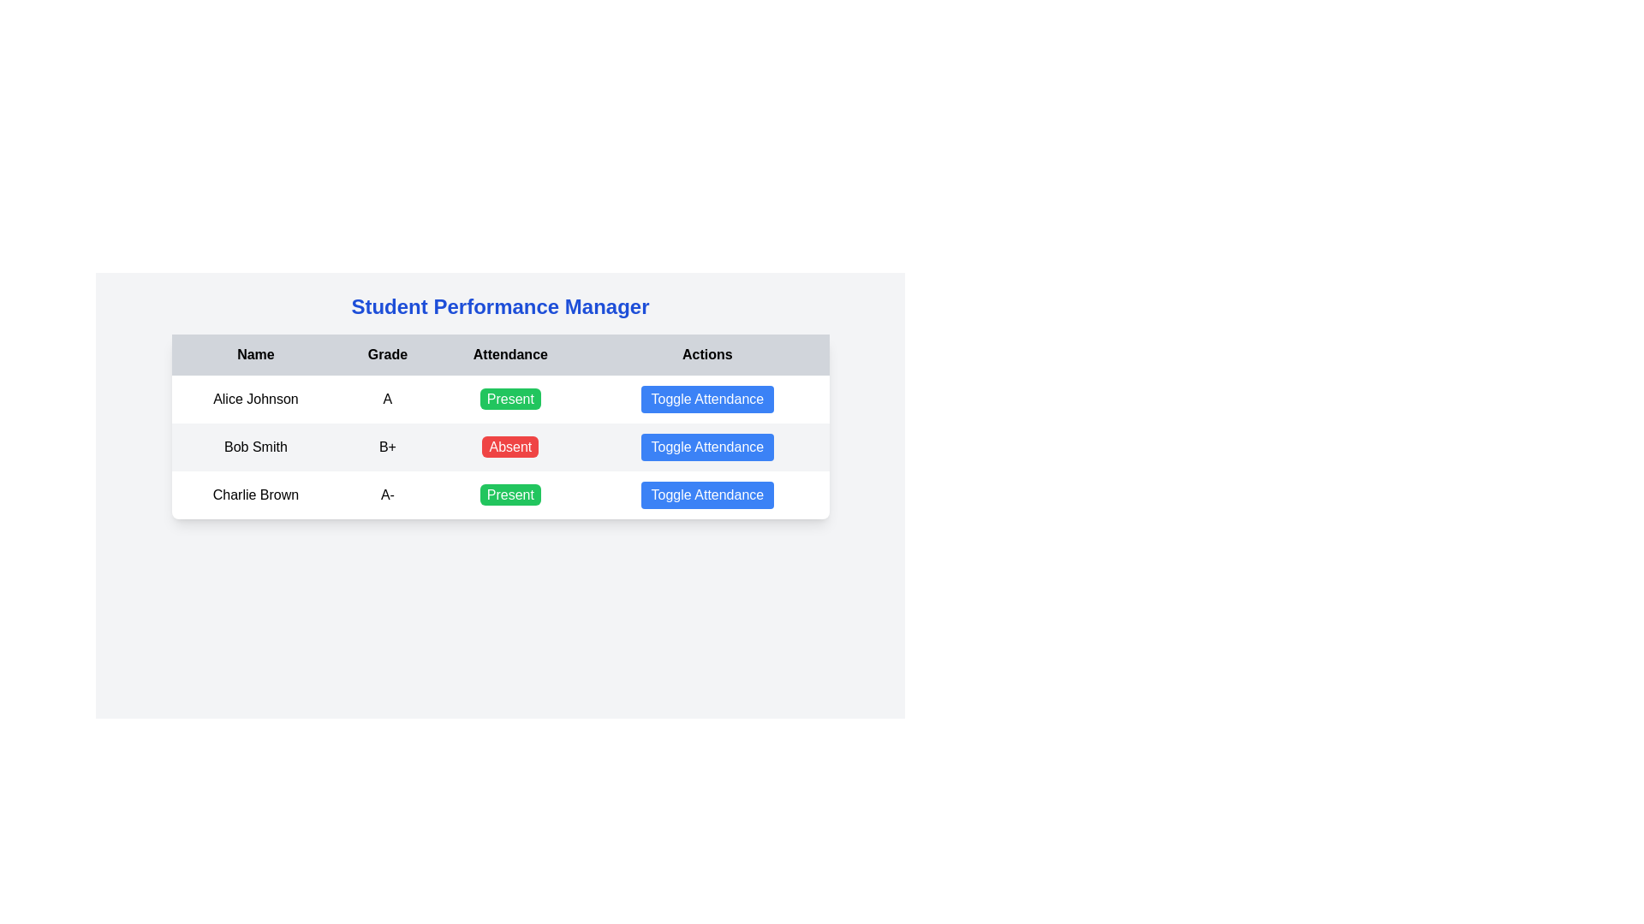  I want to click on the static text label displaying 'Bob Smith', which is located in the first column under the 'Name' column heading of a table-style layout, in the second row, so click(254, 447).